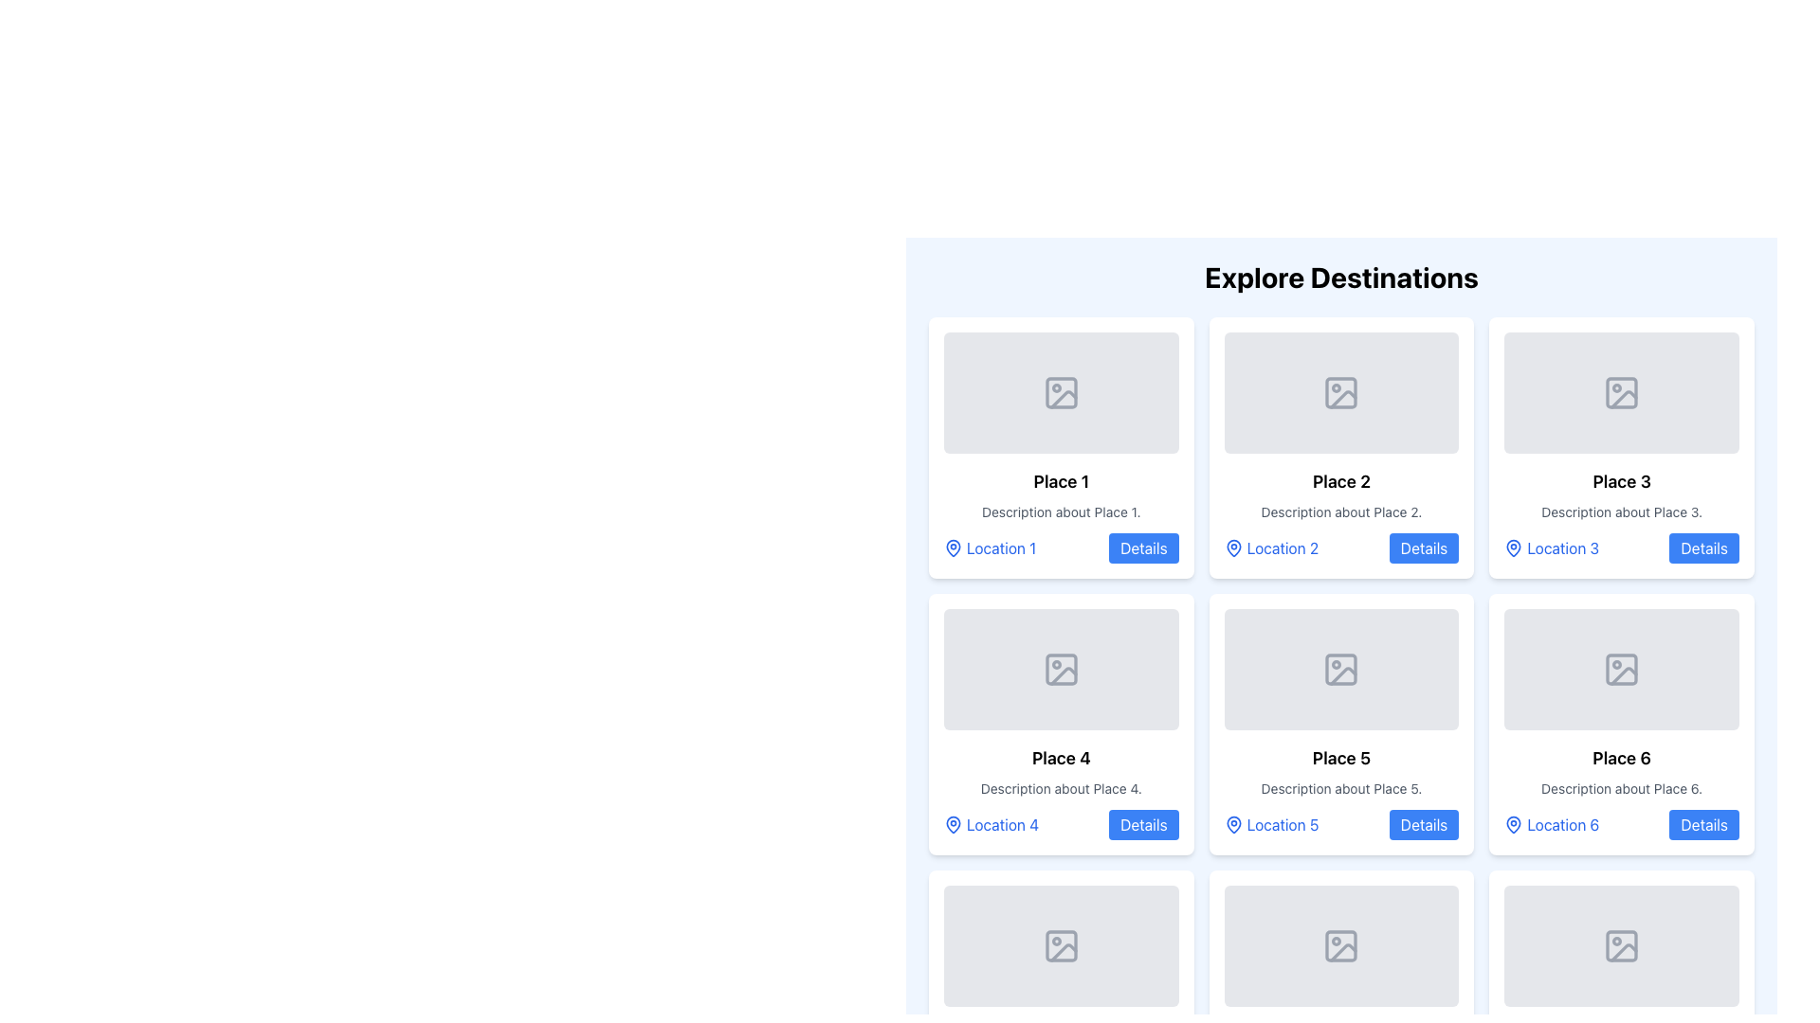 The height and width of the screenshot is (1023, 1820). Describe the element at coordinates (1621, 392) in the screenshot. I see `the icon details of the Image Placeholder for 'Place 3', located in the upper section of the card above the text and buttons` at that location.